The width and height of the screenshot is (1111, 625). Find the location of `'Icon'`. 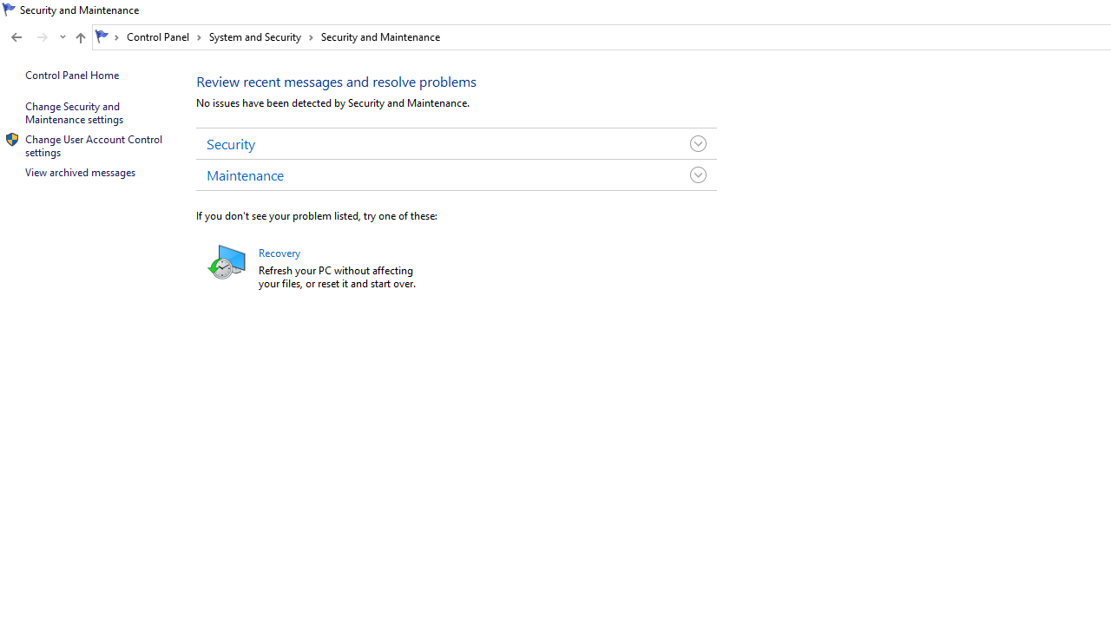

'Icon' is located at coordinates (12, 138).